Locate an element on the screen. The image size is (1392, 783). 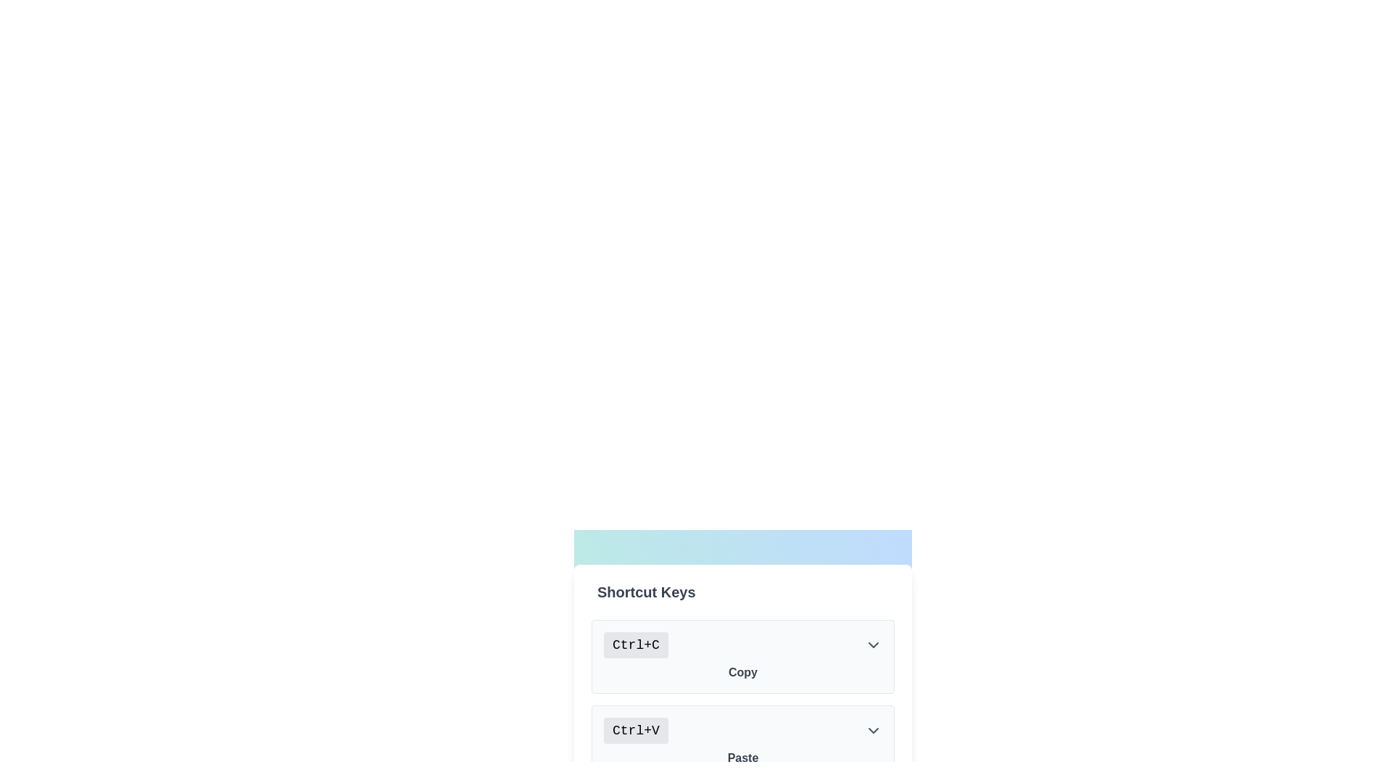
the 'Copy' static text label, which is styled in gray with a bold font and located beneath the 'Ctrl+C' shortcut key label is located at coordinates (743, 673).